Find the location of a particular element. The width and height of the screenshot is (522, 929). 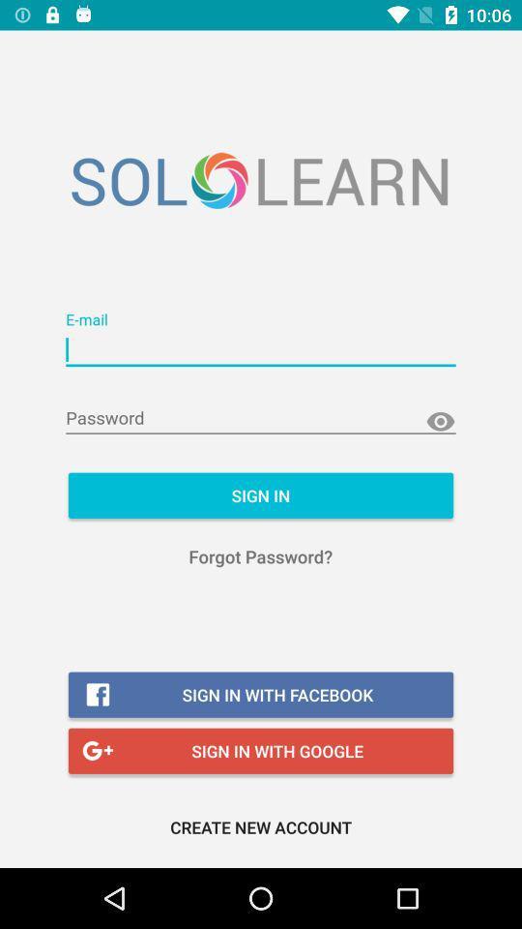

item below sign in with icon is located at coordinates (261, 825).